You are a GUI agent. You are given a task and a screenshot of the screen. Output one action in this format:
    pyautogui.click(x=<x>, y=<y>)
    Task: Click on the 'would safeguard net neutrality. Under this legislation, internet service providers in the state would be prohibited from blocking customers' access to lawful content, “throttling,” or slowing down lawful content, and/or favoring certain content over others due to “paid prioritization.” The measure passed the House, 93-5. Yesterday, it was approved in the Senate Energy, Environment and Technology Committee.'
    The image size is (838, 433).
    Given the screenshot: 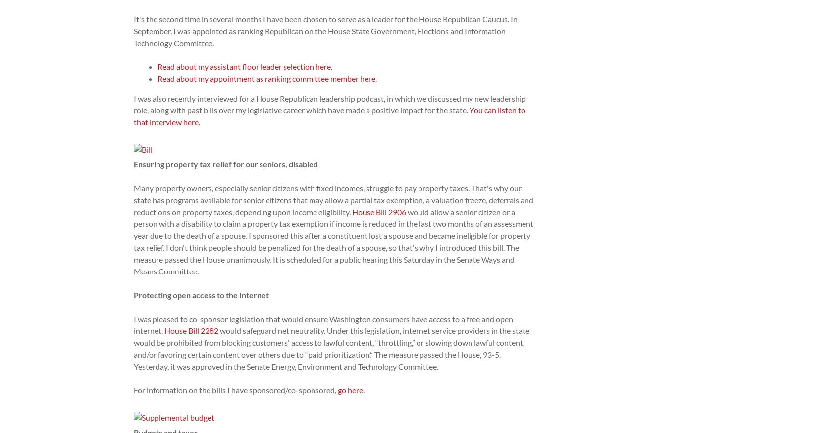 What is the action you would take?
    pyautogui.click(x=134, y=348)
    